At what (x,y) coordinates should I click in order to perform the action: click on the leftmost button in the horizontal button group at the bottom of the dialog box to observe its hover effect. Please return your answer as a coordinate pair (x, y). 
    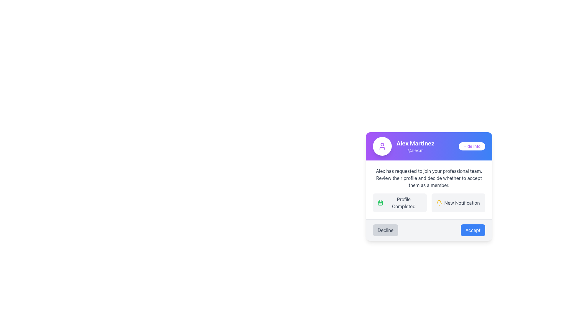
    Looking at the image, I should click on (386, 230).